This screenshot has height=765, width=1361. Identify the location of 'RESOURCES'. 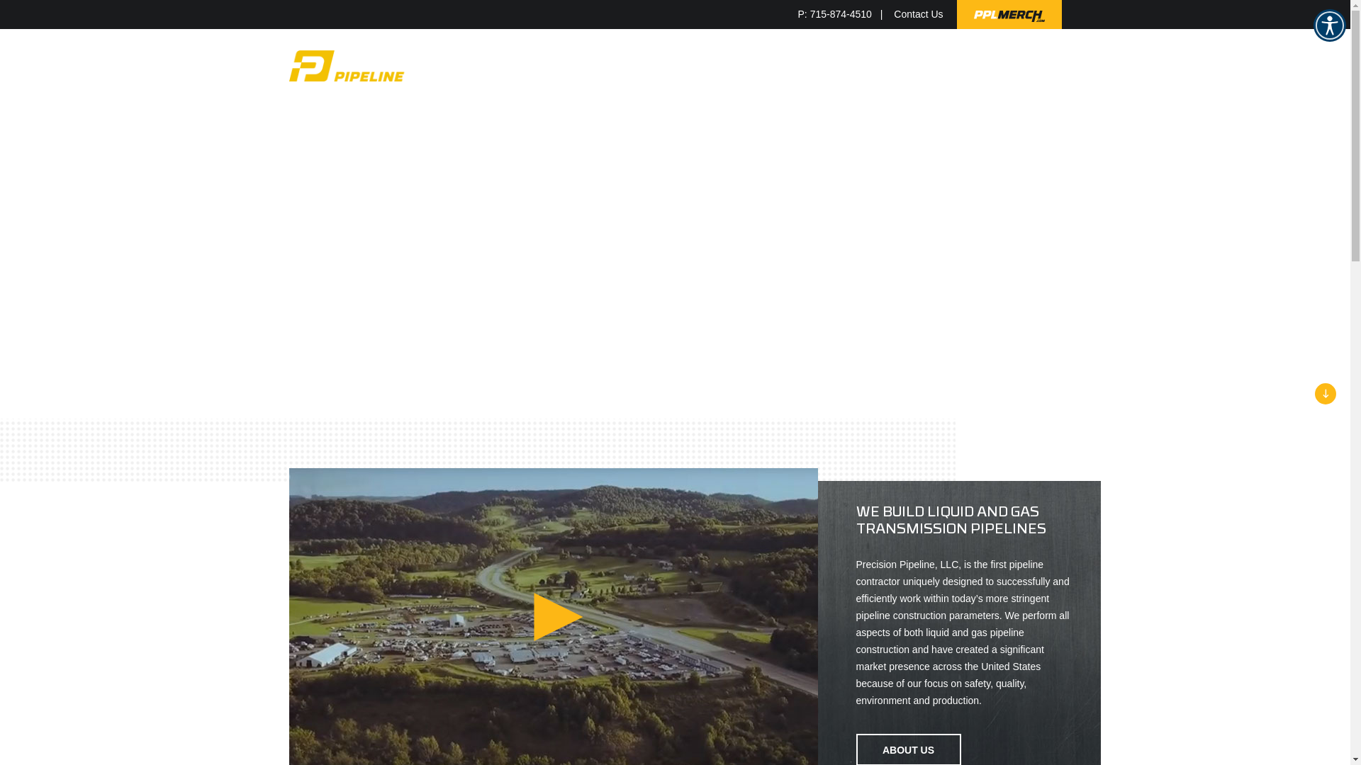
(848, 66).